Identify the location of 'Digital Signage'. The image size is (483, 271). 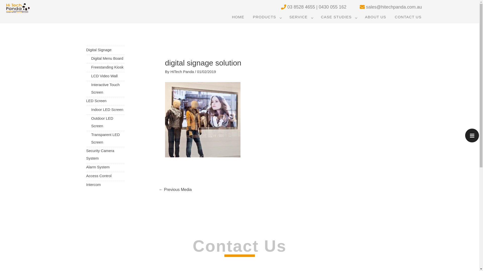
(99, 50).